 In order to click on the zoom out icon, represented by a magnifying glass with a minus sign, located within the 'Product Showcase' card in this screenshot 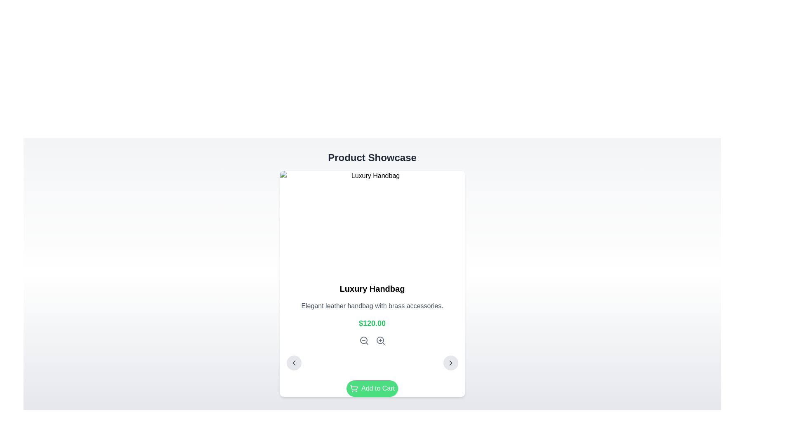, I will do `click(363, 340)`.